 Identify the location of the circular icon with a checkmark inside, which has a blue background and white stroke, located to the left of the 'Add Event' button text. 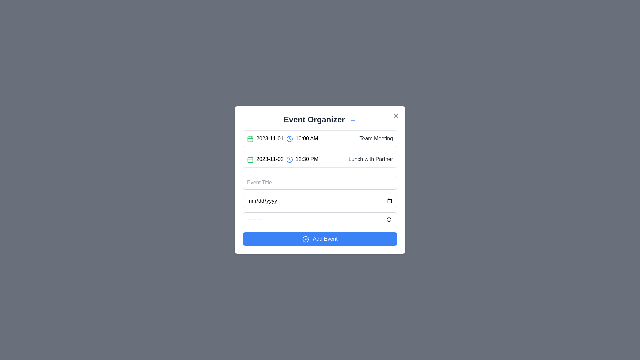
(305, 239).